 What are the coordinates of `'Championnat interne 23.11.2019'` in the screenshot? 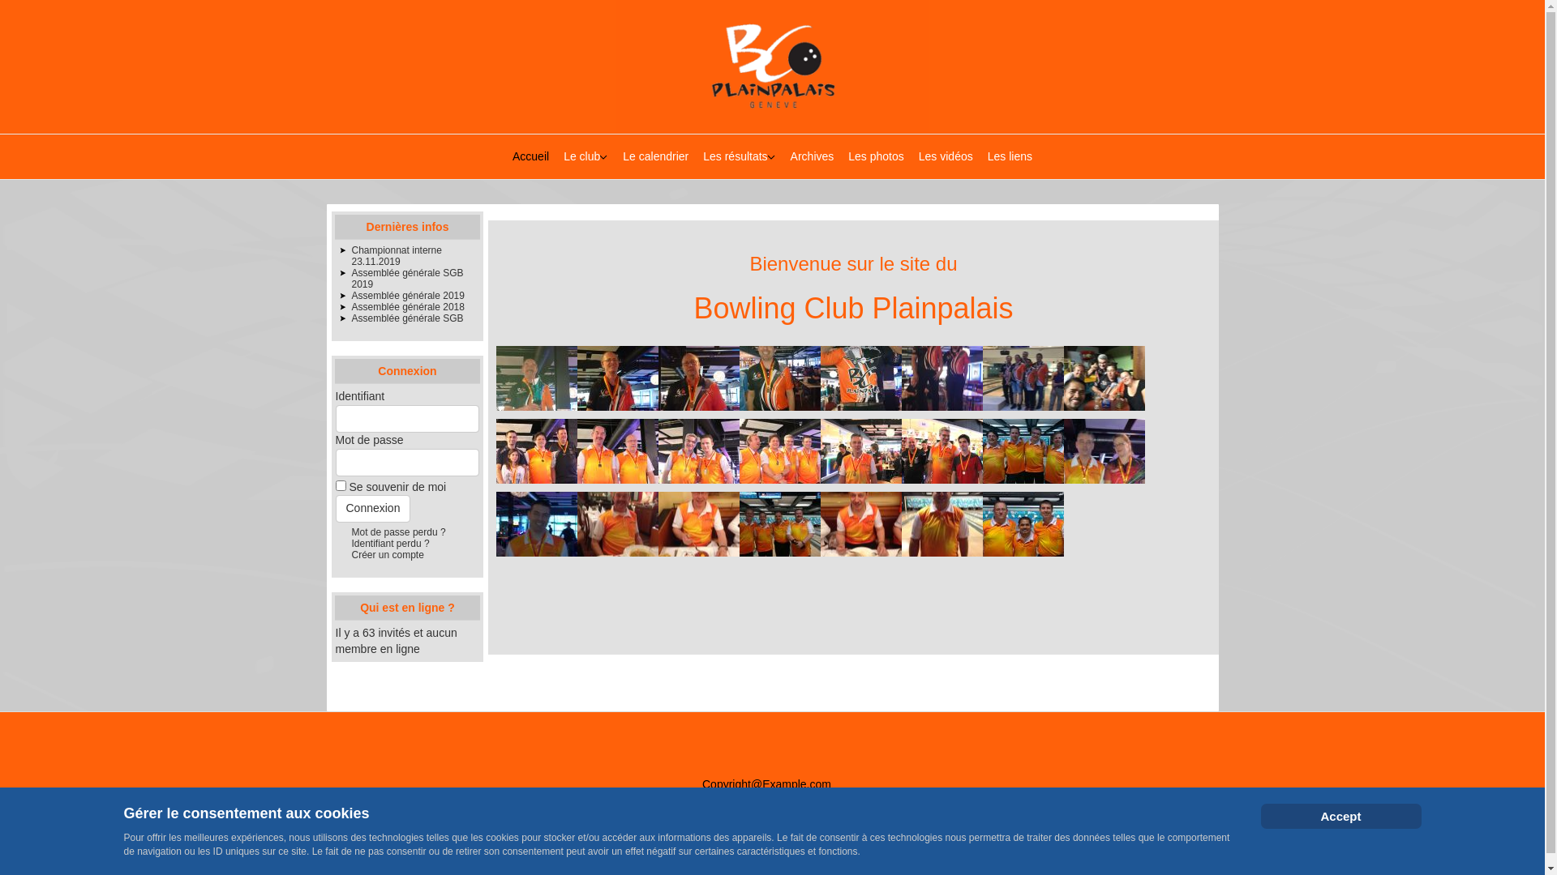 It's located at (397, 255).